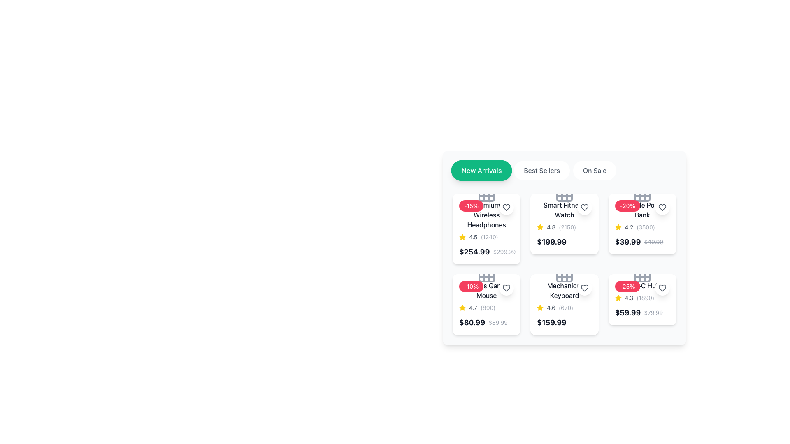  What do you see at coordinates (639, 242) in the screenshot?
I see `the text grouping with styled price indicators, which includes the bold price '$39.99' and the strikethrough original price '$49.99', located in the third card of the top row` at bounding box center [639, 242].